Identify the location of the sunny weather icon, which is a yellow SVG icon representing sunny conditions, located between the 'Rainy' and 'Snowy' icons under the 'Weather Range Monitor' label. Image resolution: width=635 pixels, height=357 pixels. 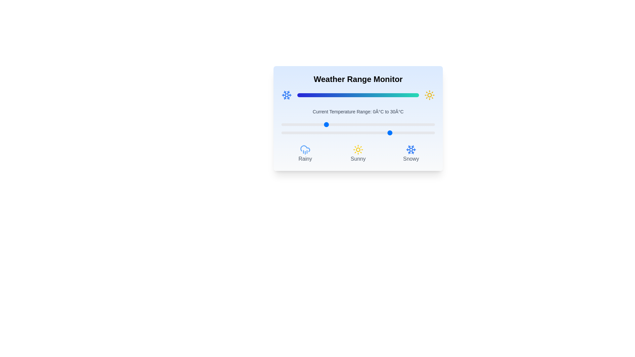
(358, 149).